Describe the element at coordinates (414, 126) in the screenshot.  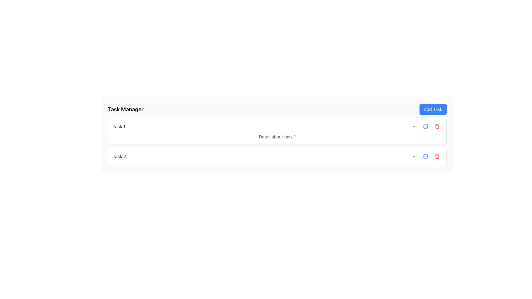
I see `the chevron-up icon located on the right side of the second task's row in the task list to possibly display a tooltip` at that location.